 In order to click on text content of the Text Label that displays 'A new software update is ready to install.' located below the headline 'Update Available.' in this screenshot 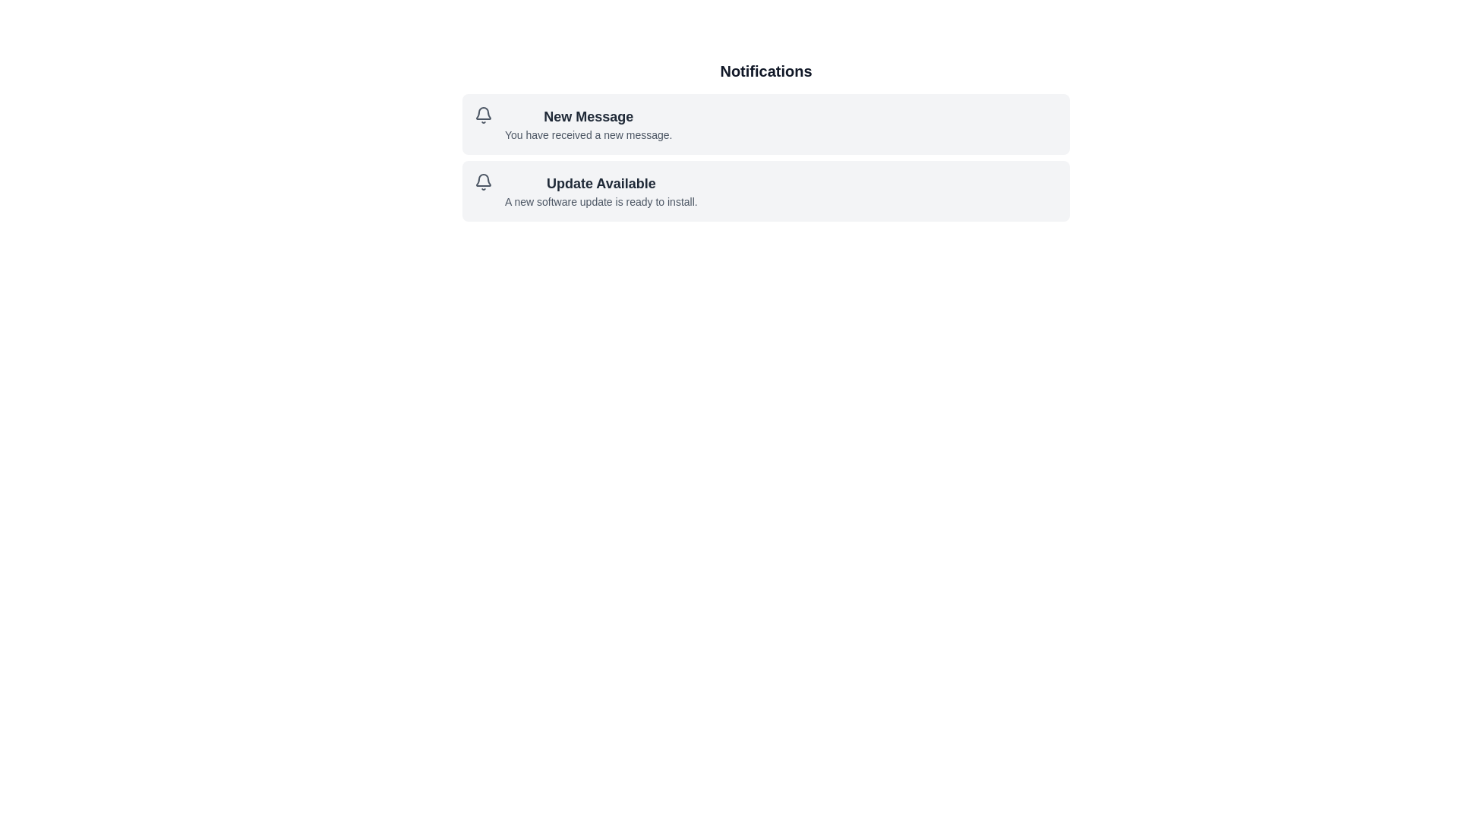, I will do `click(600, 201)`.